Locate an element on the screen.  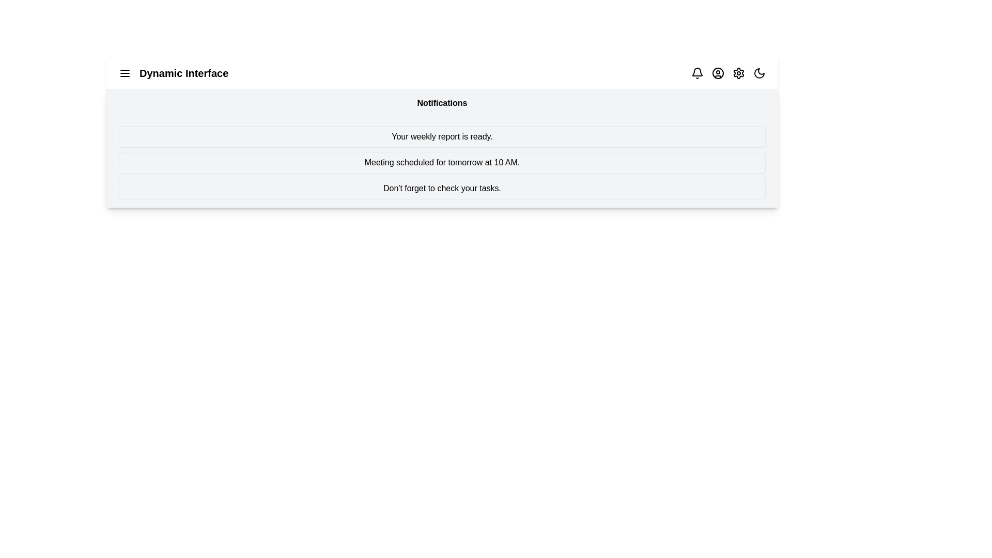
the user profile icon to open the user profile settings is located at coordinates (718, 73).